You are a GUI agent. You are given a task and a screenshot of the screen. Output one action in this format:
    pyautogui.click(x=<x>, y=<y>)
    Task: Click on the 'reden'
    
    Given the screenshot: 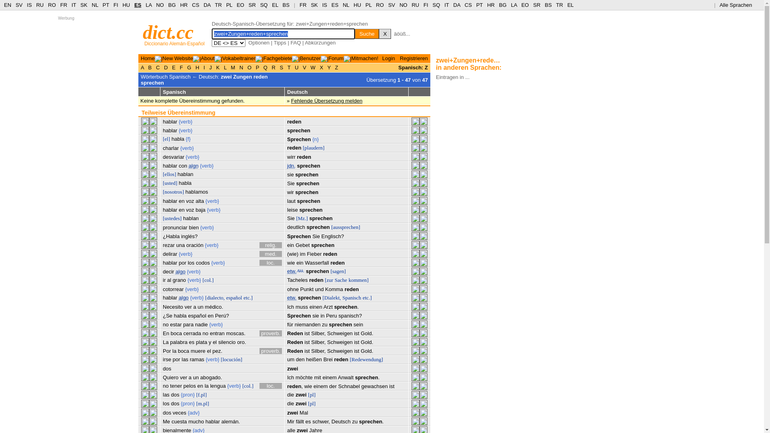 What is the action you would take?
    pyautogui.click(x=341, y=359)
    